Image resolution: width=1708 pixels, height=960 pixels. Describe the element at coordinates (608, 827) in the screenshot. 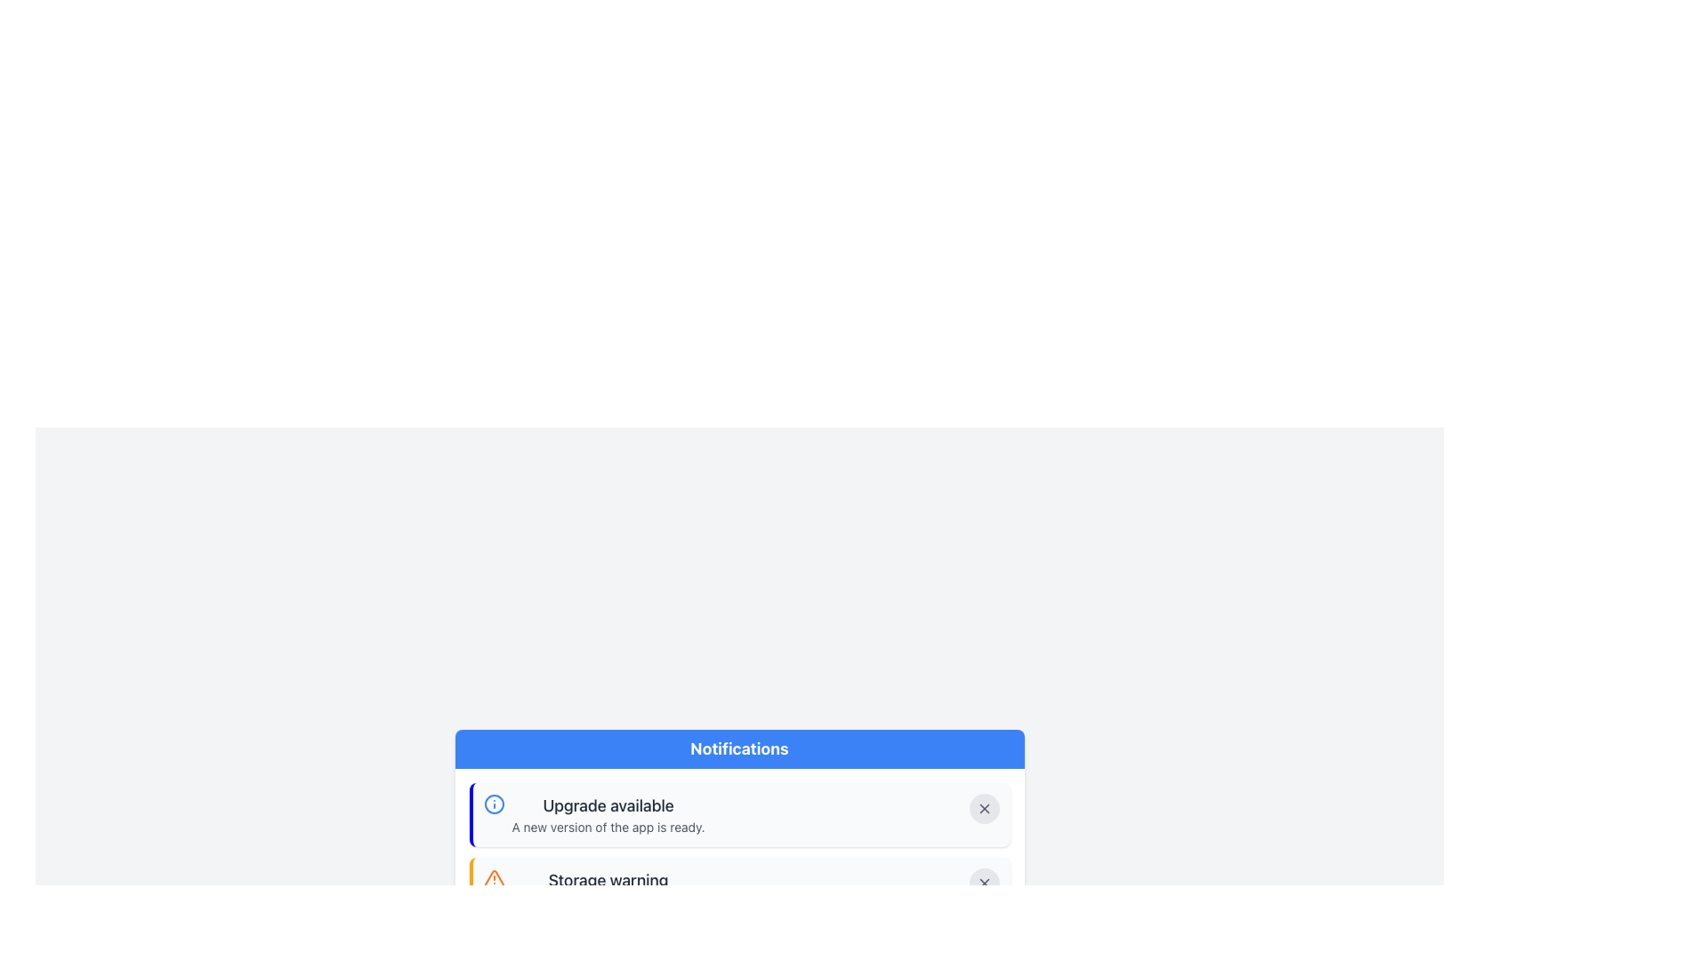

I see `the text displaying 'A new version of the app is ready.' which is located below the 'Upgrade available' header` at that location.